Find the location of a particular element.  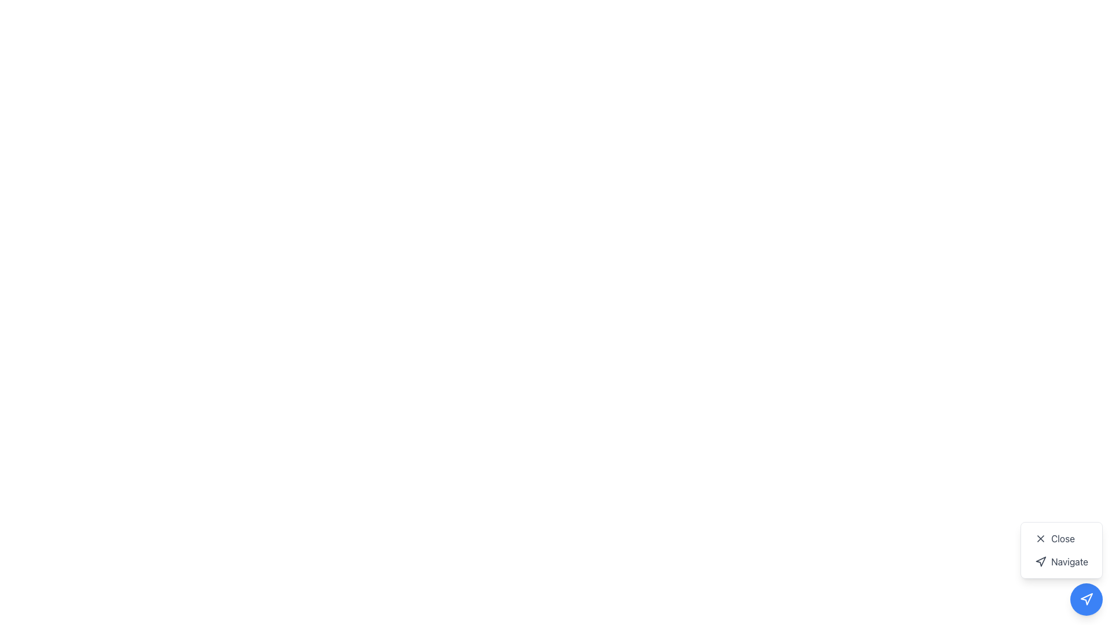

the navigation button located in the bottom-right corner of the interface is located at coordinates (1086, 599).